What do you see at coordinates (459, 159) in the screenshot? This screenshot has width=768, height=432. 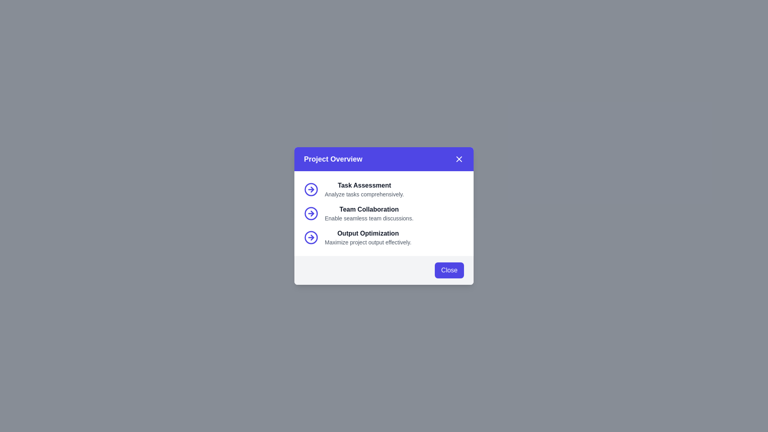 I see `the Close icon, which appears as a diagonal cross with thin lines, located in the top-right corner of the 'Project Overview' modal's purple header section` at bounding box center [459, 159].